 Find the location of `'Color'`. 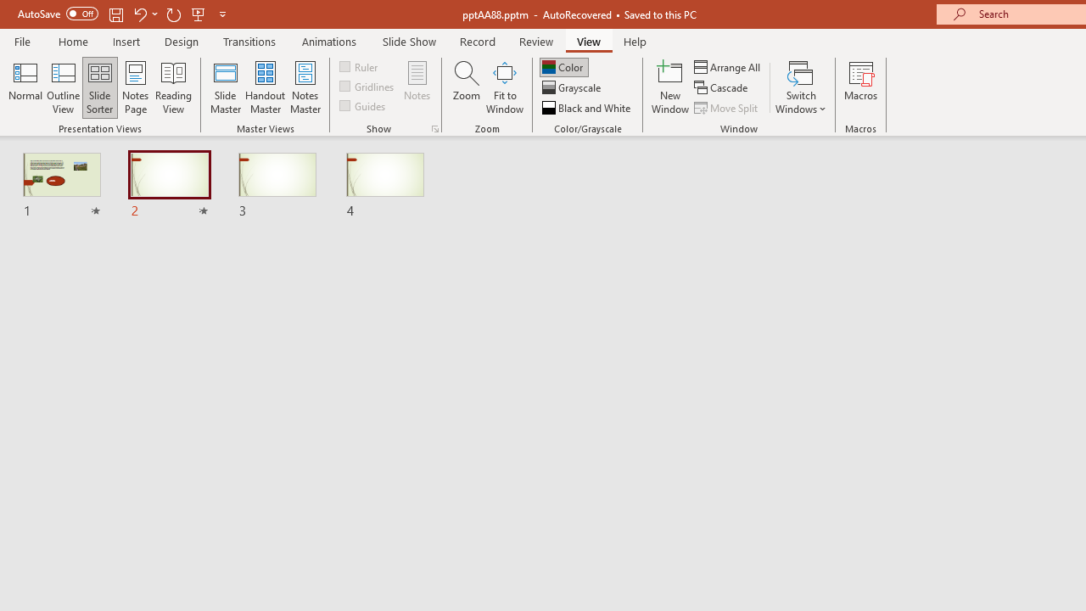

'Color' is located at coordinates (563, 66).